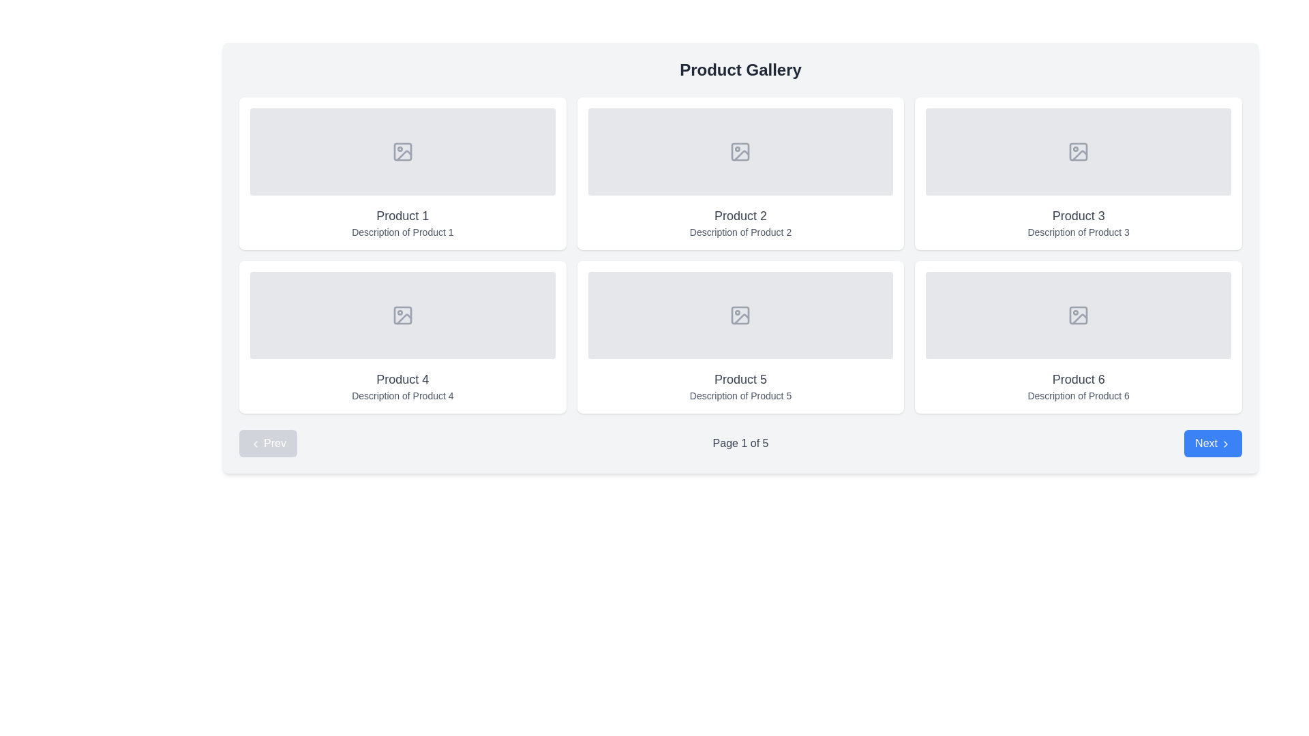  I want to click on the descriptive text block located below the title of 'Product 3' in the product card, so click(1078, 231).